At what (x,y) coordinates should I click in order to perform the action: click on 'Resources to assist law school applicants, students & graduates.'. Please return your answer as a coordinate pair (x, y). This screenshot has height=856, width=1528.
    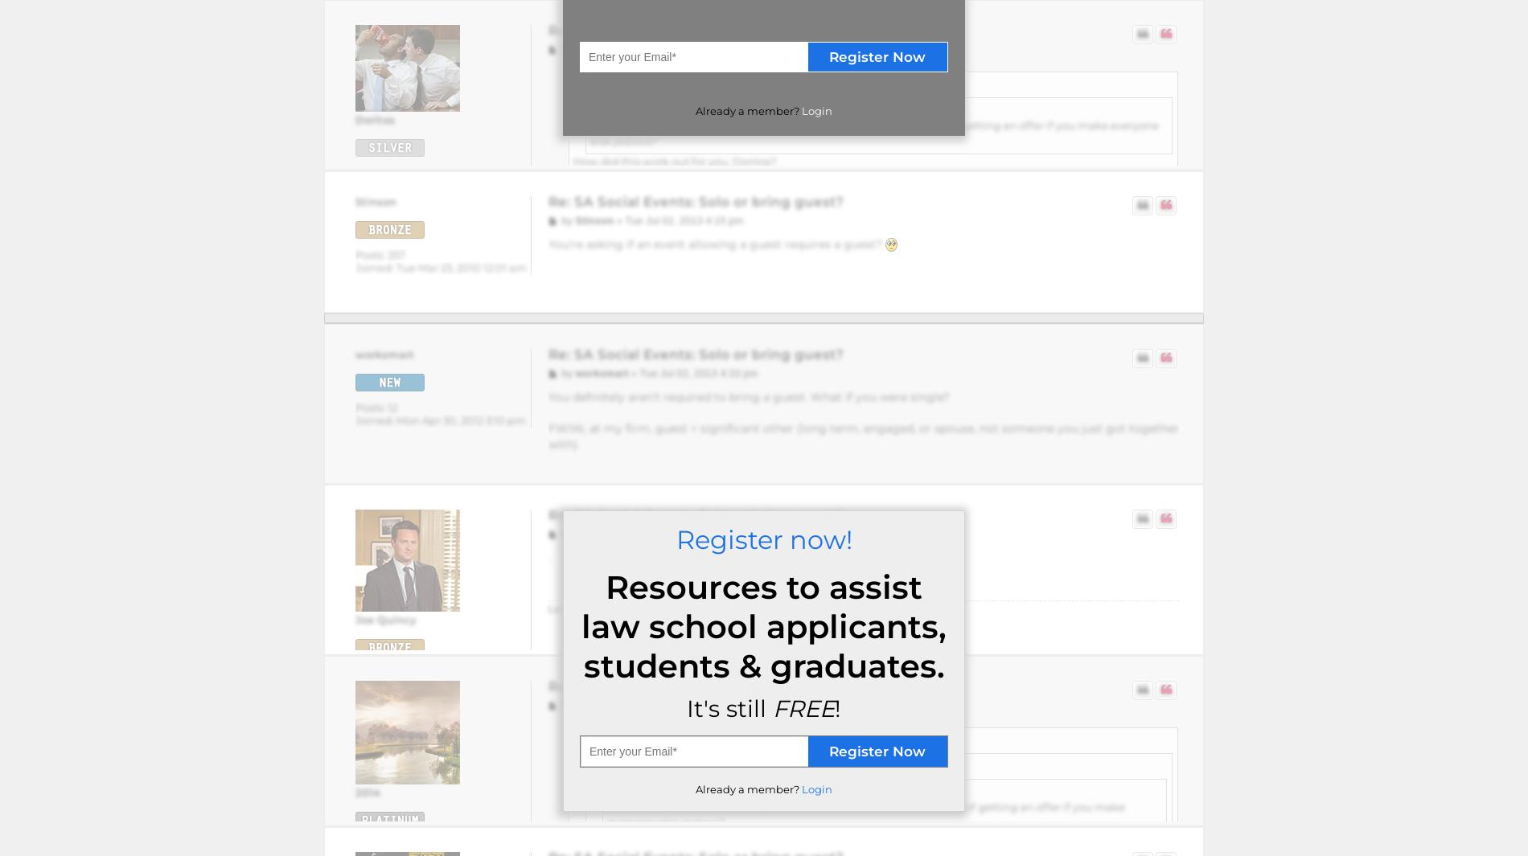
    Looking at the image, I should click on (764, 626).